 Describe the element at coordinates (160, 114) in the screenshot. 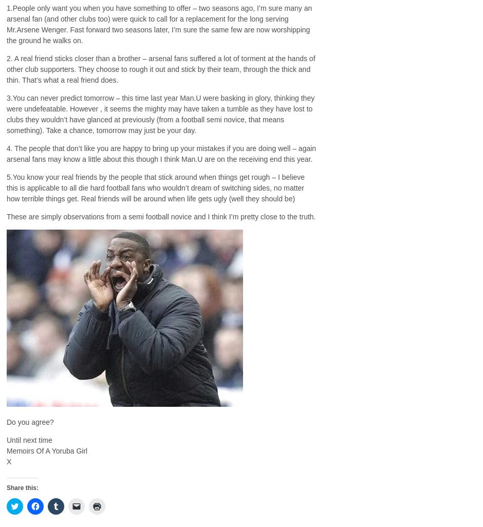

I see `'3.You can never predict tomorrow – this time last year Man.U were basking in glory, thinking they were undefeatable. However , it seems the mighty may have taken a tumble as they have lost to clubs they wouldn’t have glanced at previously (from a football semi novice, that means something). Take a chance, tomorrow may just be your day.'` at that location.